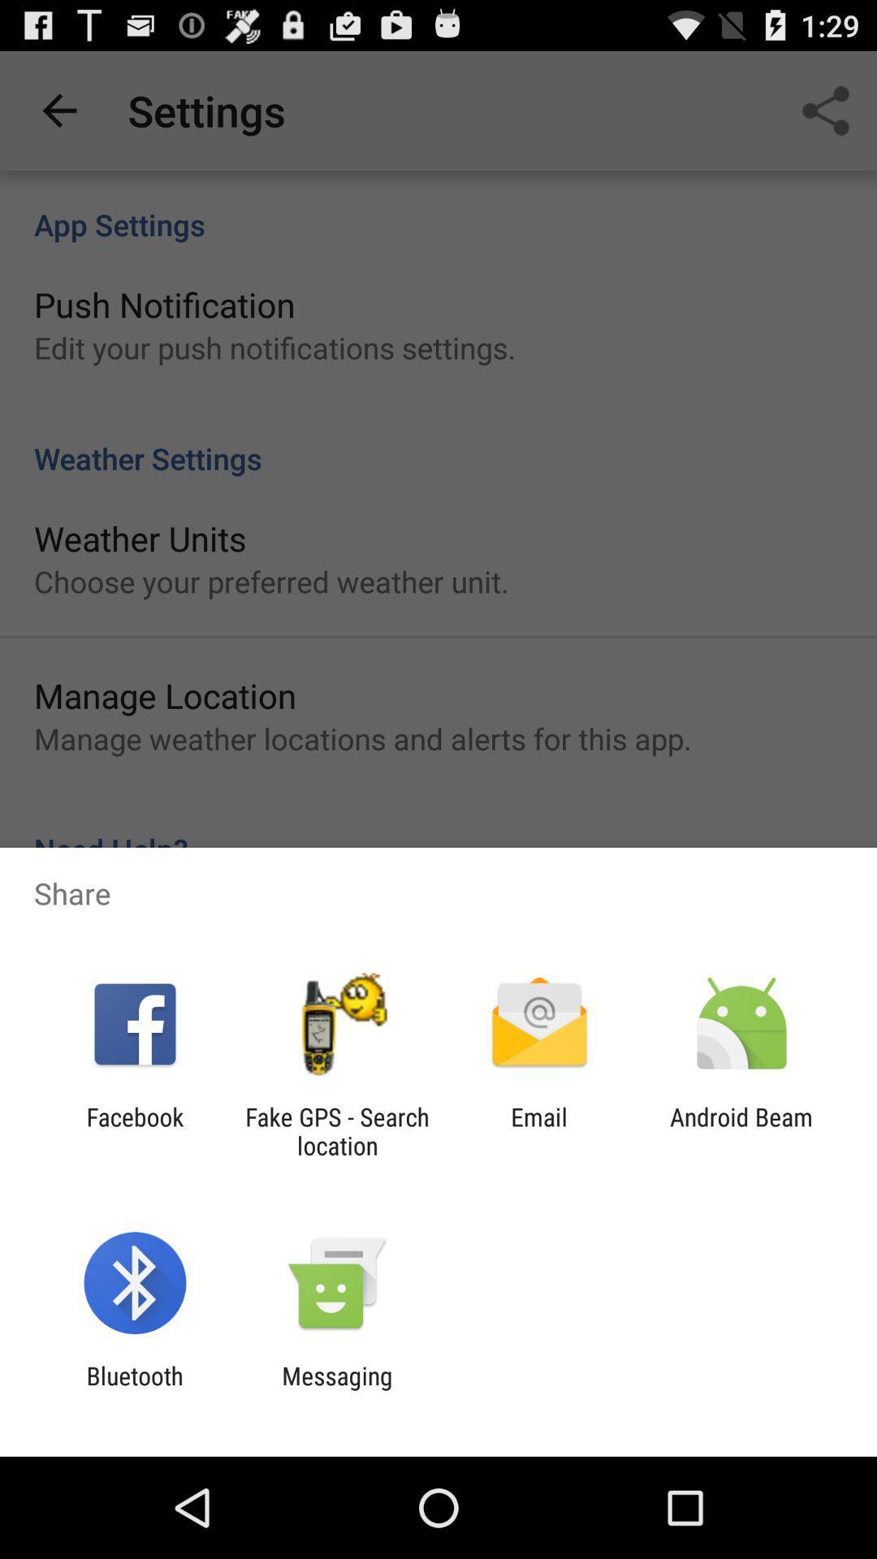  Describe the element at coordinates (336, 1389) in the screenshot. I see `icon to the right of bluetooth item` at that location.